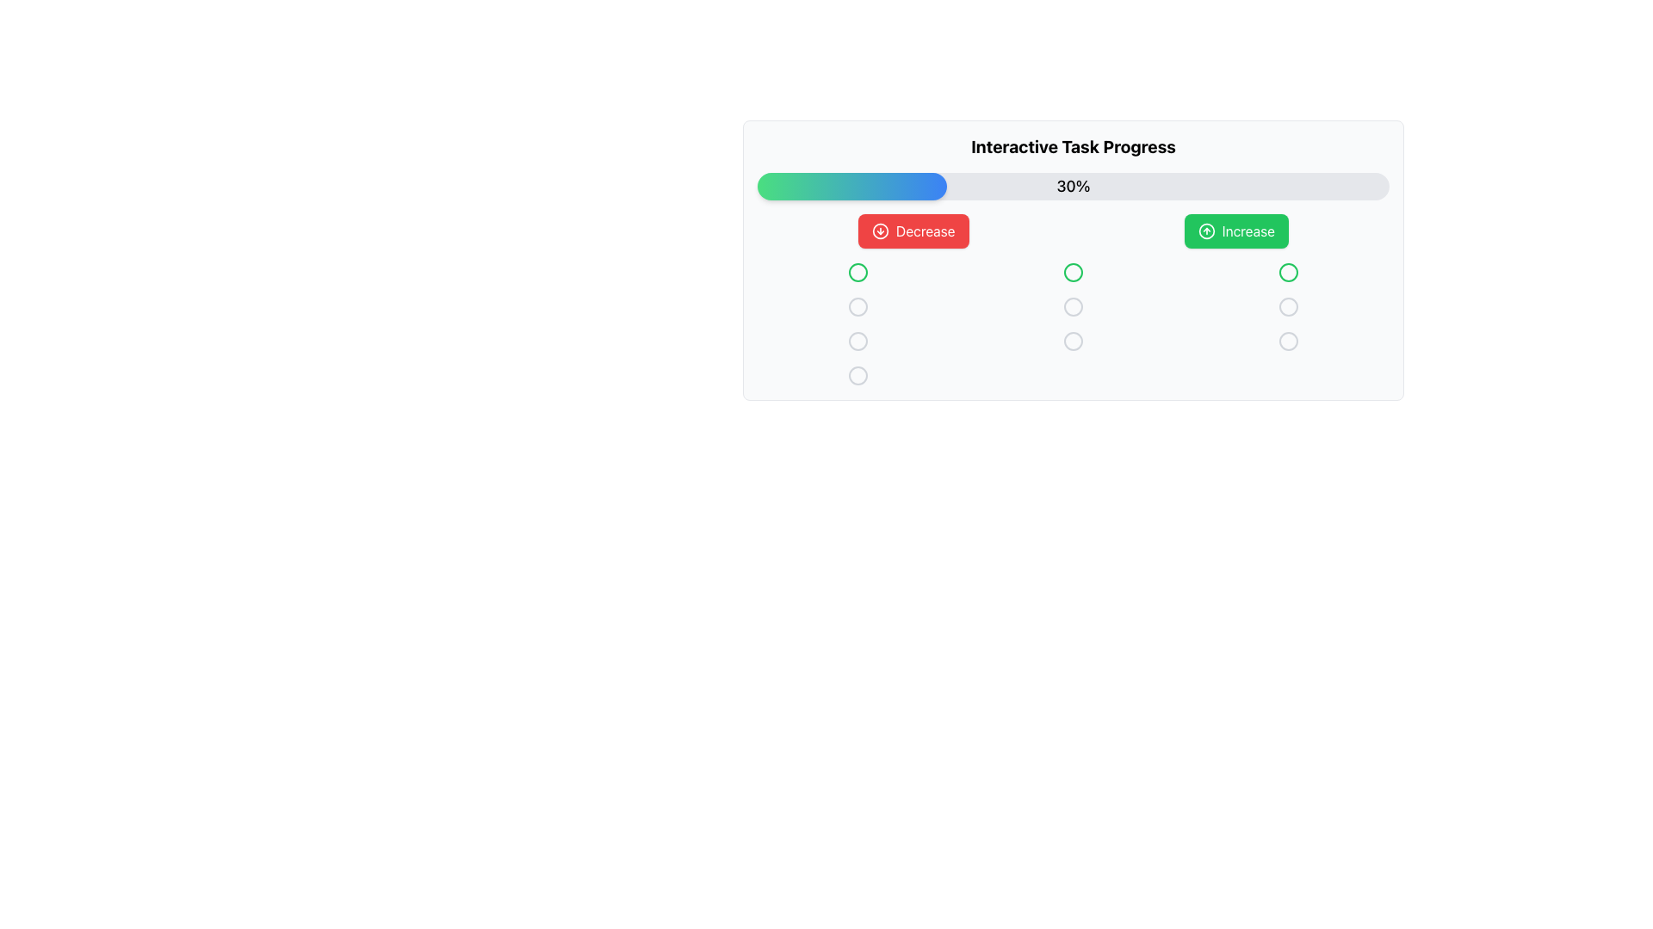  I want to click on the Decorative icon within the 'Increase' button, which features a circular design with an upward-pointing arrow, located on the right side of the 'Interactive Task Progress' section, so click(1205, 231).